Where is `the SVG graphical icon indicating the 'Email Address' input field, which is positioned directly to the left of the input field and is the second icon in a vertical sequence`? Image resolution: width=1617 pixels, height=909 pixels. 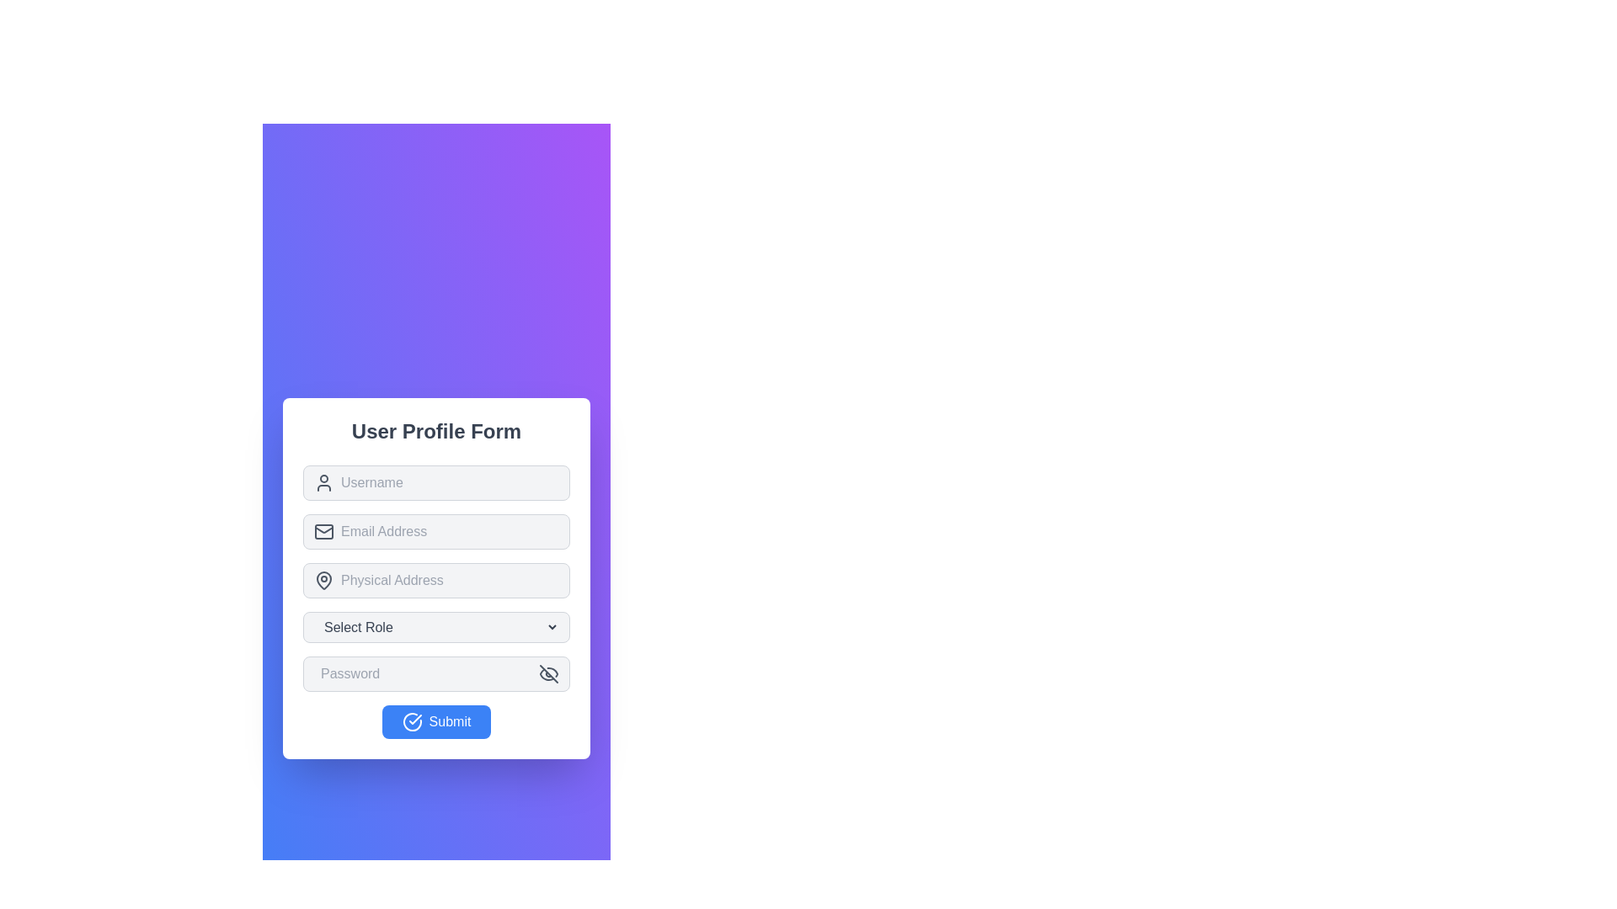
the SVG graphical icon indicating the 'Email Address' input field, which is positioned directly to the left of the input field and is the second icon in a vertical sequence is located at coordinates (323, 531).